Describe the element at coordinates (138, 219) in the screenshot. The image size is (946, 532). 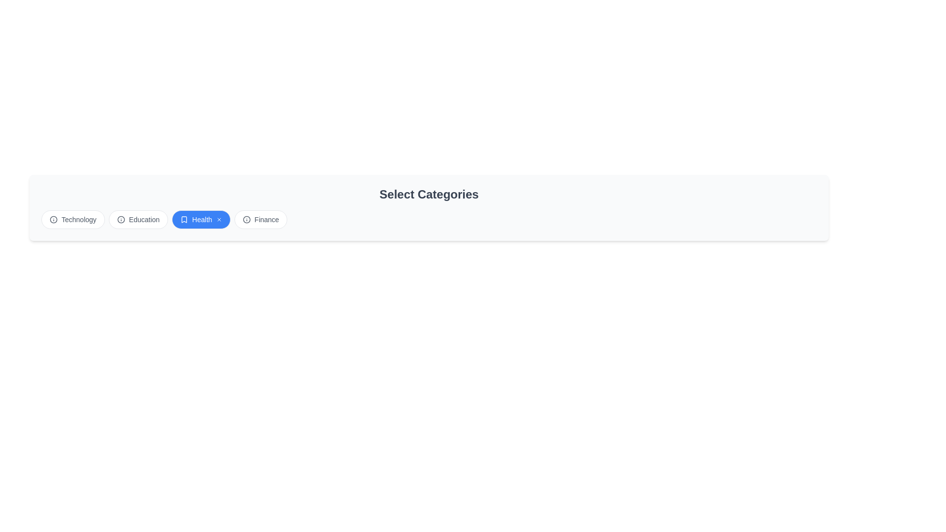
I see `the chip labeled 'Education' to observe its hover state` at that location.